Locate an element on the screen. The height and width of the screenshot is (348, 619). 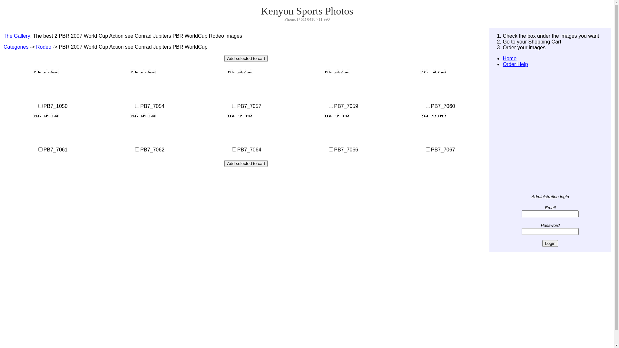
'Order Help' is located at coordinates (515, 64).